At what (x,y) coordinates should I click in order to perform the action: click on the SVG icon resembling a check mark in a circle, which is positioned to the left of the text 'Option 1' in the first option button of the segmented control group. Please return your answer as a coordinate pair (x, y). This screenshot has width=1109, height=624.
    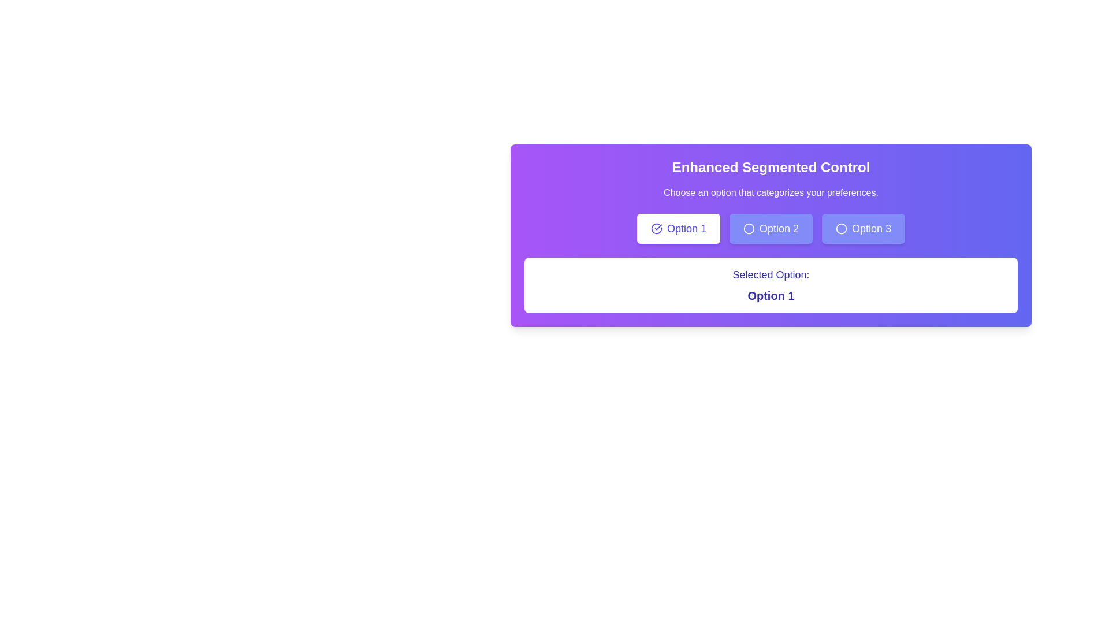
    Looking at the image, I should click on (656, 229).